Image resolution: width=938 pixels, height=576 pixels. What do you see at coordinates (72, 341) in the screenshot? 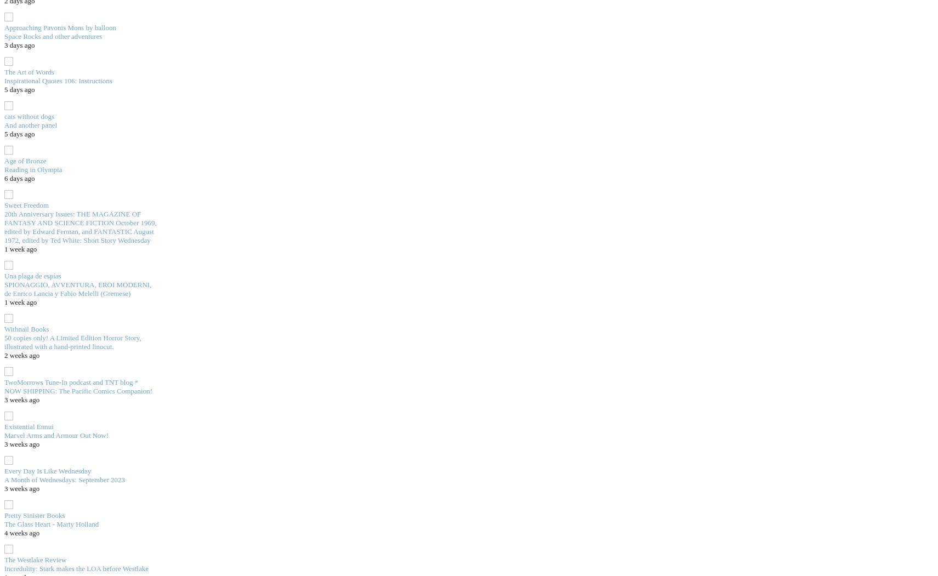
I see `'50 copies only! A Limited Edition Horror Story, illustrated with a hand-printed linocut.'` at bounding box center [72, 341].